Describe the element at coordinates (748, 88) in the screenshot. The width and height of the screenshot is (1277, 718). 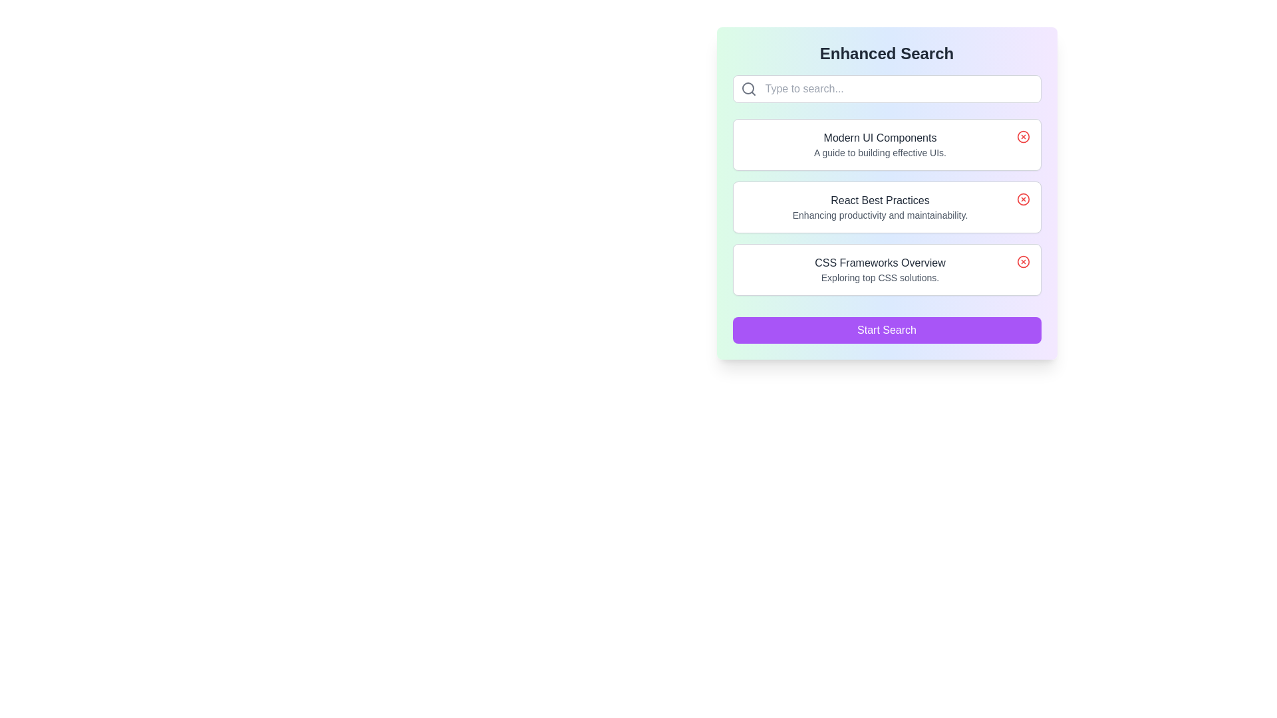
I see `the small circular shape that is part of a search icon, located to the left of the search input field at the top of the user interface` at that location.